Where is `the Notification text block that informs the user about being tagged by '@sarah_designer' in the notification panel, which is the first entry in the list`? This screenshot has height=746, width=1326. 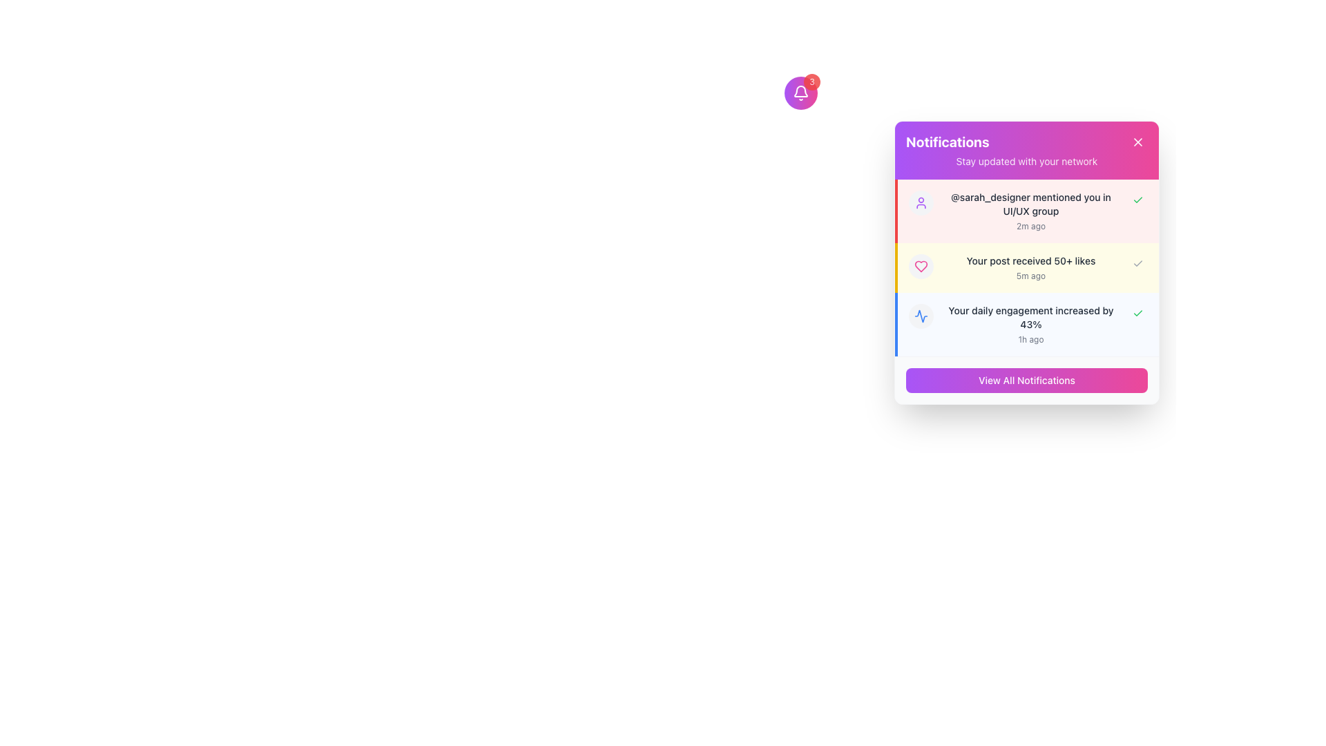 the Notification text block that informs the user about being tagged by '@sarah_designer' in the notification panel, which is the first entry in the list is located at coordinates (1030, 211).